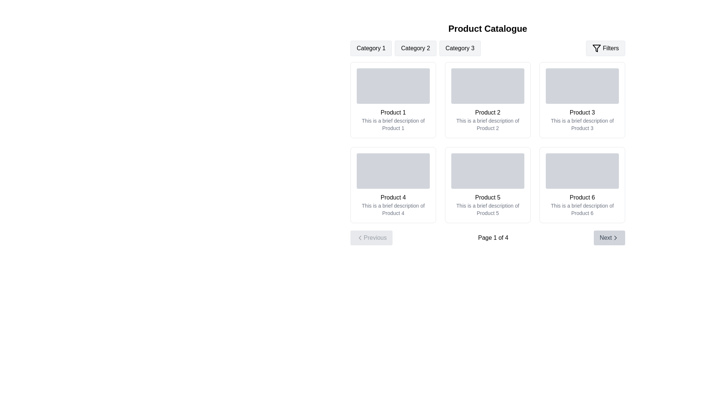  Describe the element at coordinates (415, 48) in the screenshot. I see `the filter selector button group located above the product grid, to the left of the 'Filters' button` at that location.